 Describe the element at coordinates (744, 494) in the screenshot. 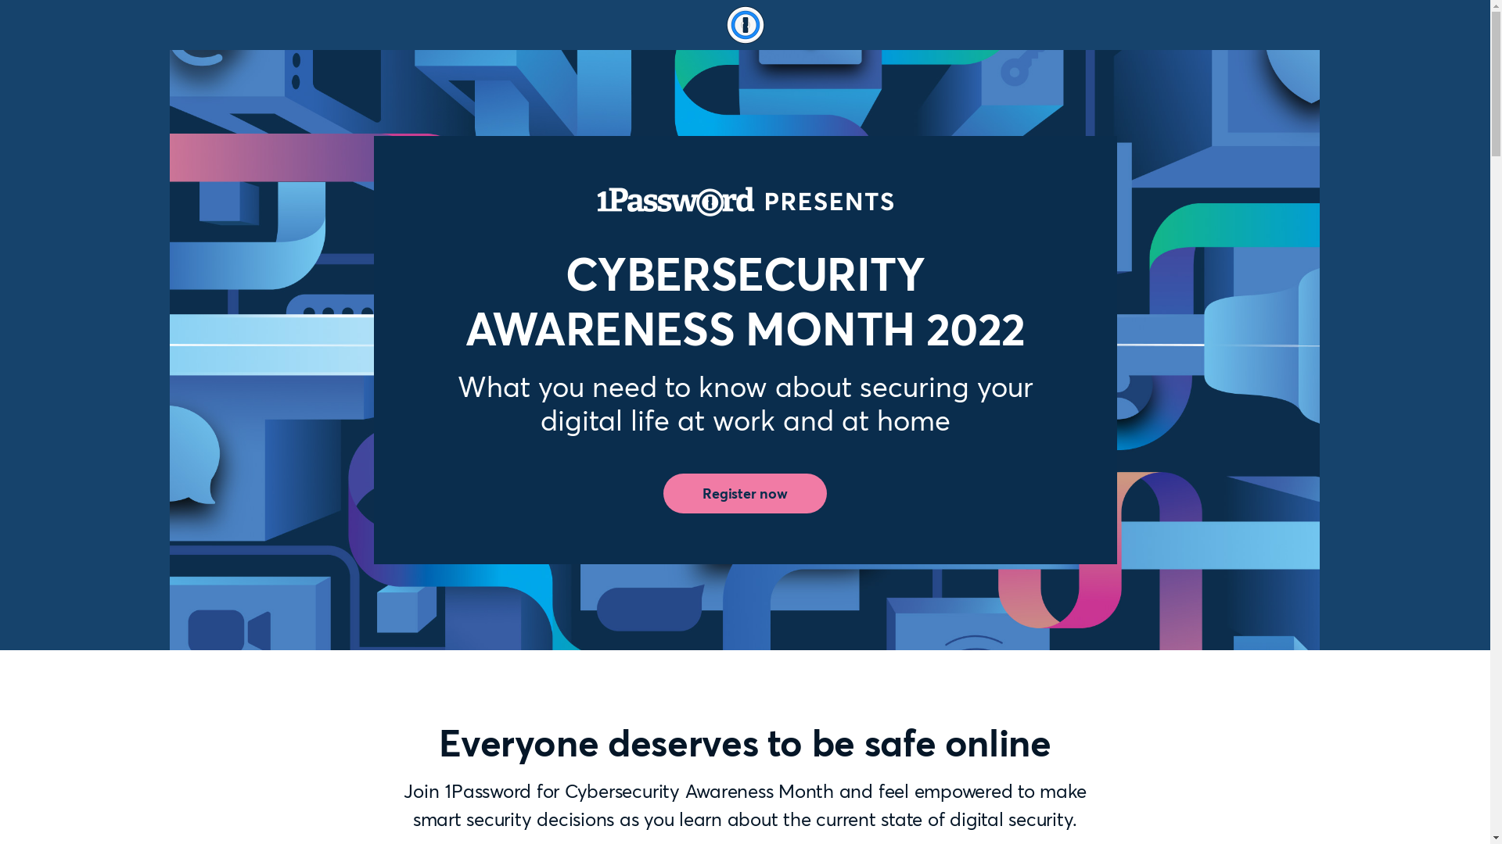

I see `'Register now'` at that location.